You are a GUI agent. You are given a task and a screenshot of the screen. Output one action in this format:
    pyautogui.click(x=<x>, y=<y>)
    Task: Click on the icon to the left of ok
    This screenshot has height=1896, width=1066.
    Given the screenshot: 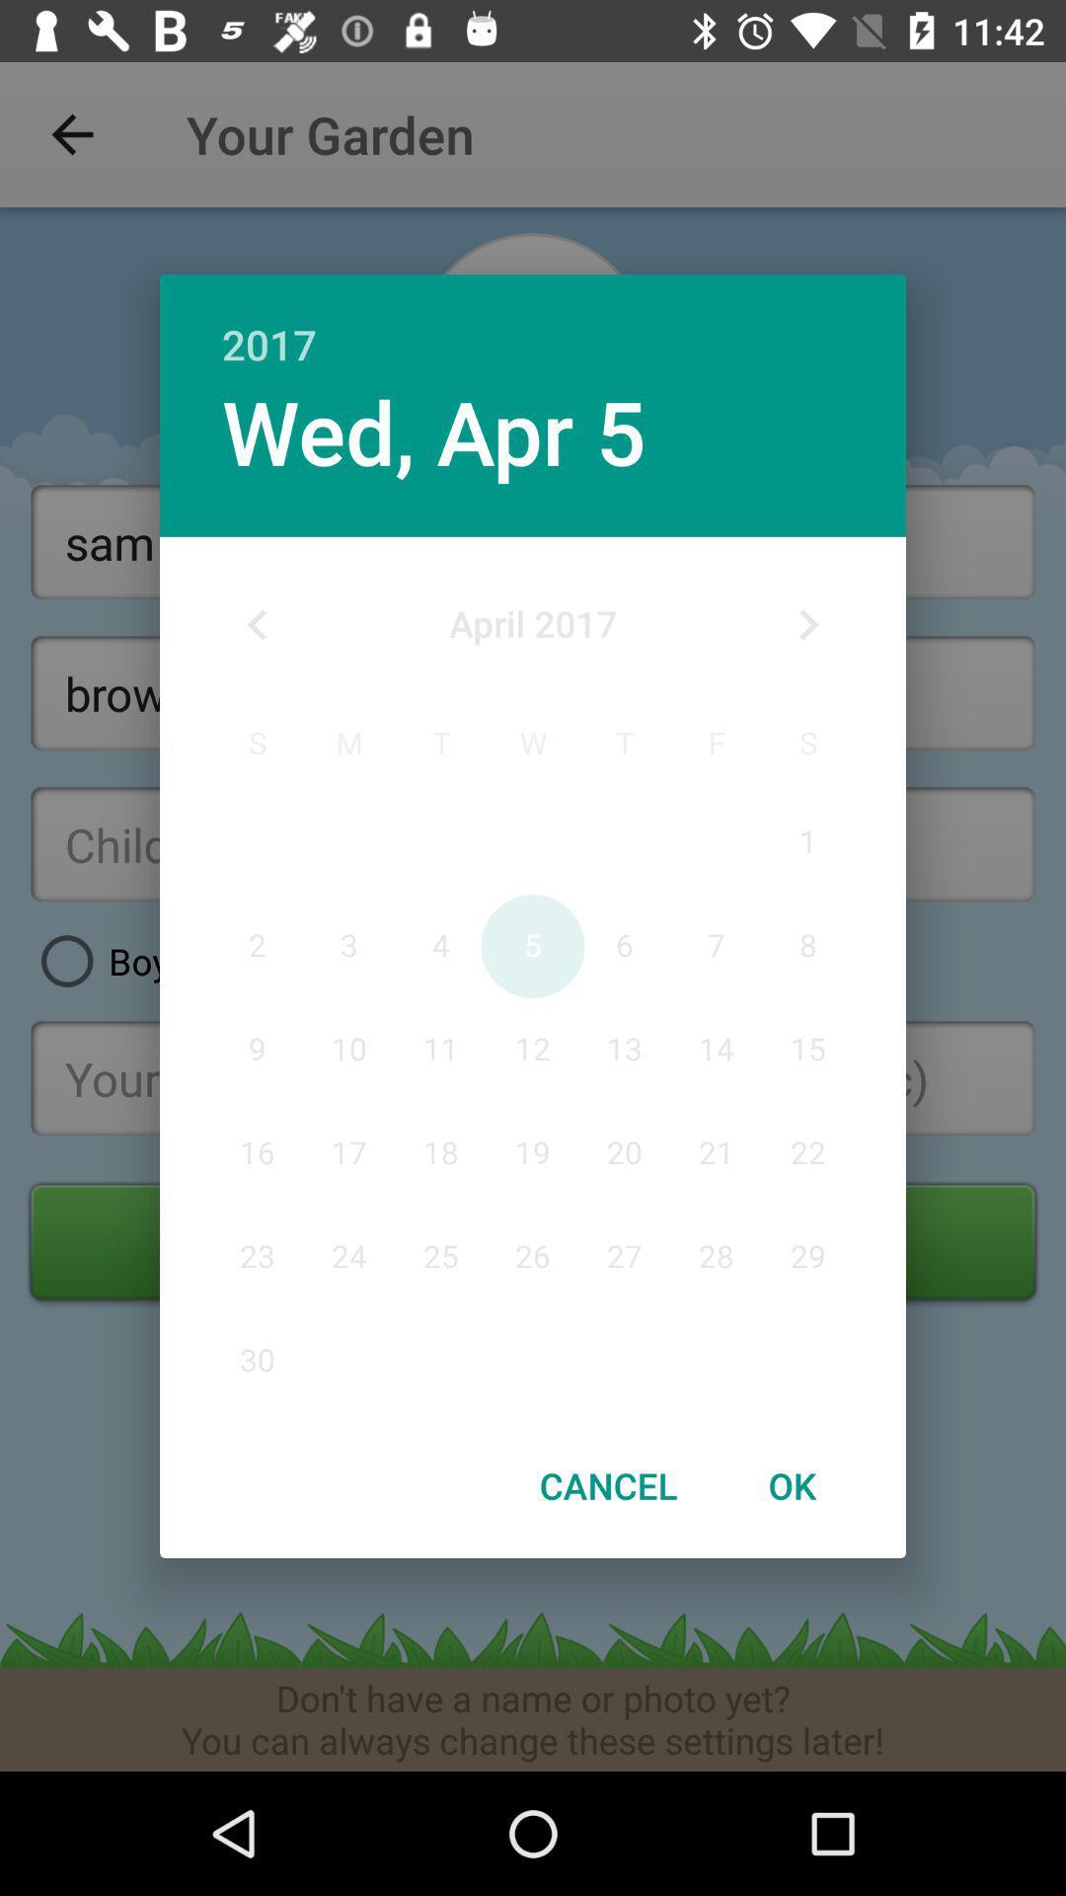 What is the action you would take?
    pyautogui.click(x=607, y=1485)
    